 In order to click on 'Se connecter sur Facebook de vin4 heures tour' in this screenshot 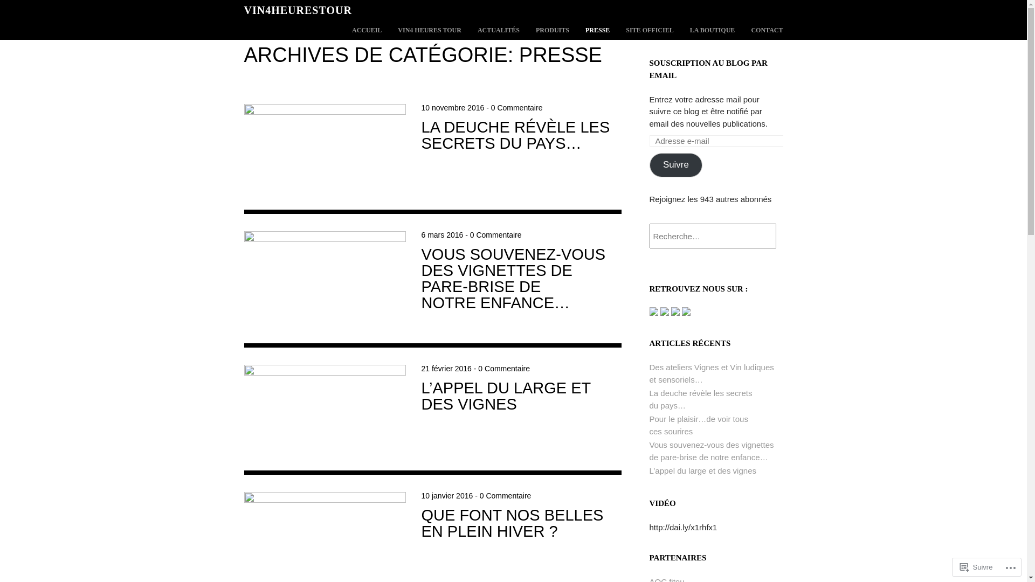, I will do `click(654, 313)`.